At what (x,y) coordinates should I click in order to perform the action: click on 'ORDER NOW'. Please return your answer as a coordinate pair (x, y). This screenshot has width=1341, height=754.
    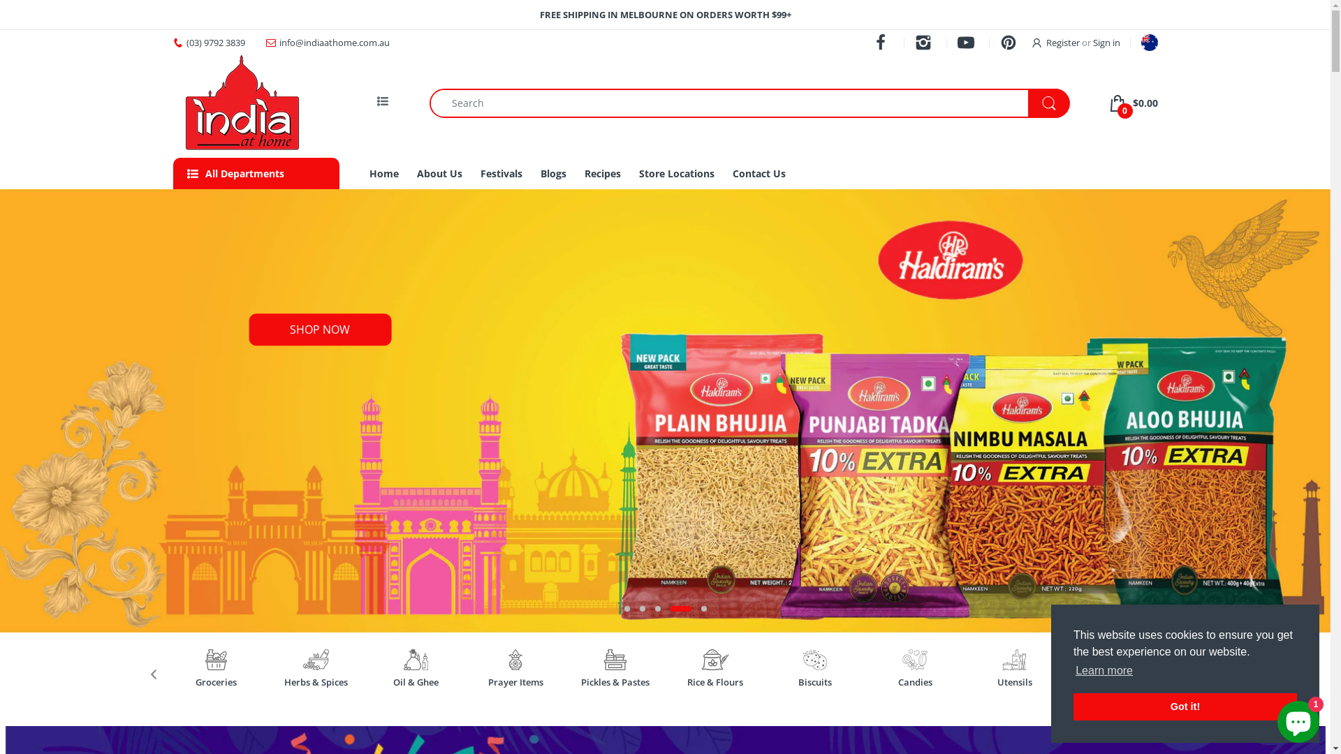
    Looking at the image, I should click on (321, 330).